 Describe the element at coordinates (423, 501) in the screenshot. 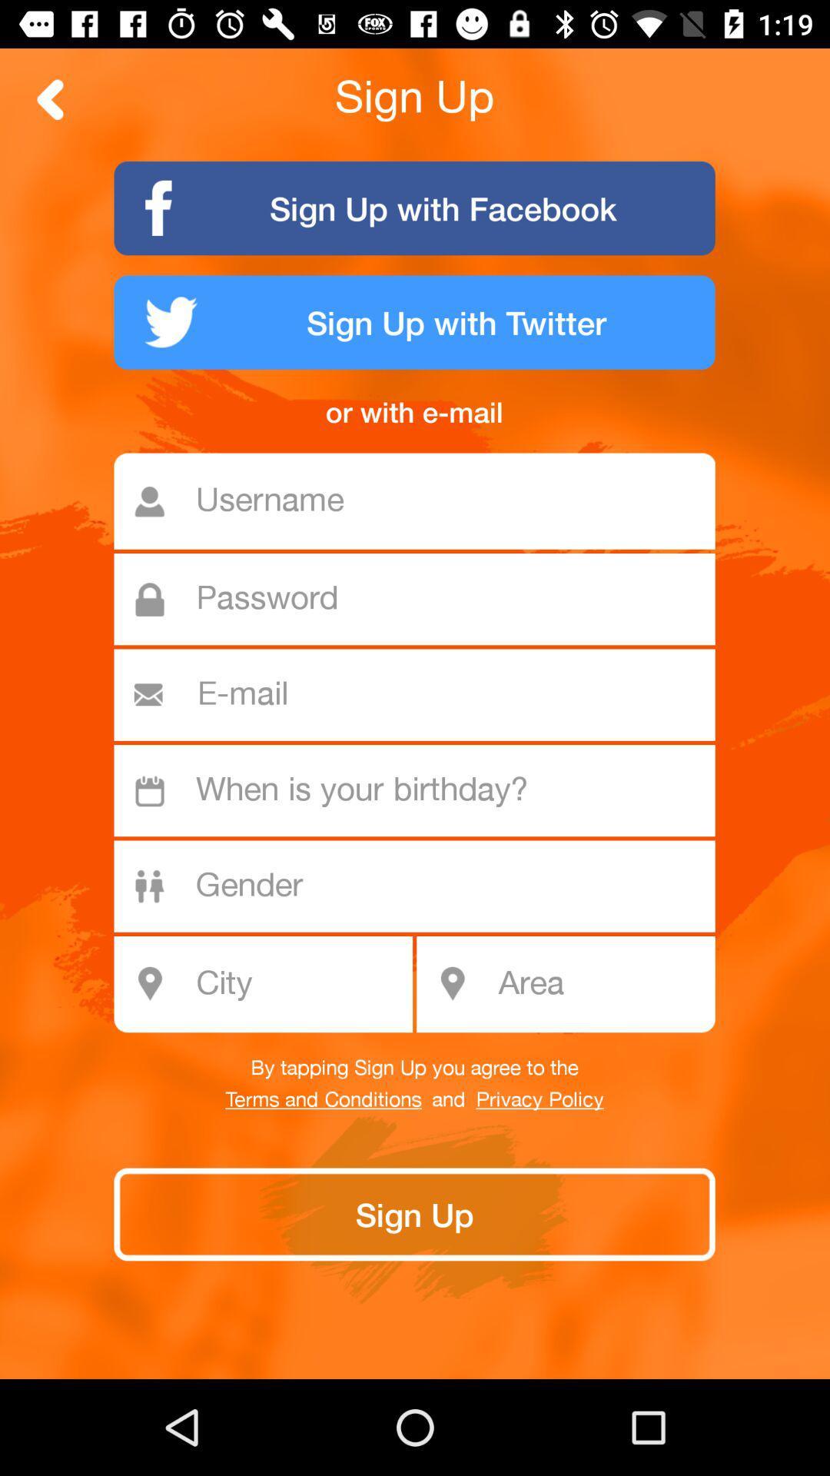

I see `item below the or with e item` at that location.